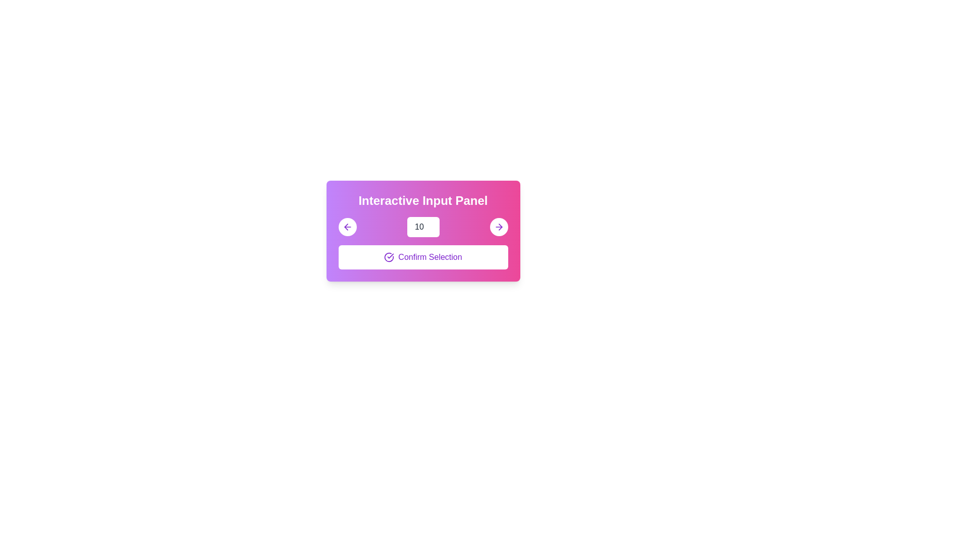 The height and width of the screenshot is (545, 969). Describe the element at coordinates (499, 227) in the screenshot. I see `the icon within the circular button on the right side of the 'Interactive Input Panel'` at that location.